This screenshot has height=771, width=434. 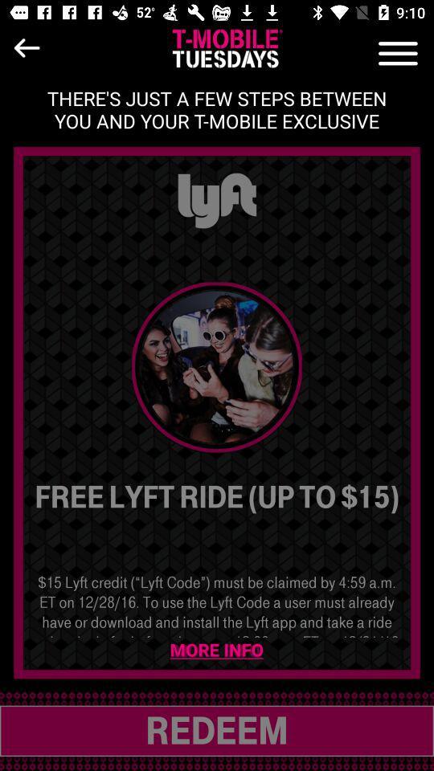 I want to click on the image below lyft, so click(x=217, y=367).